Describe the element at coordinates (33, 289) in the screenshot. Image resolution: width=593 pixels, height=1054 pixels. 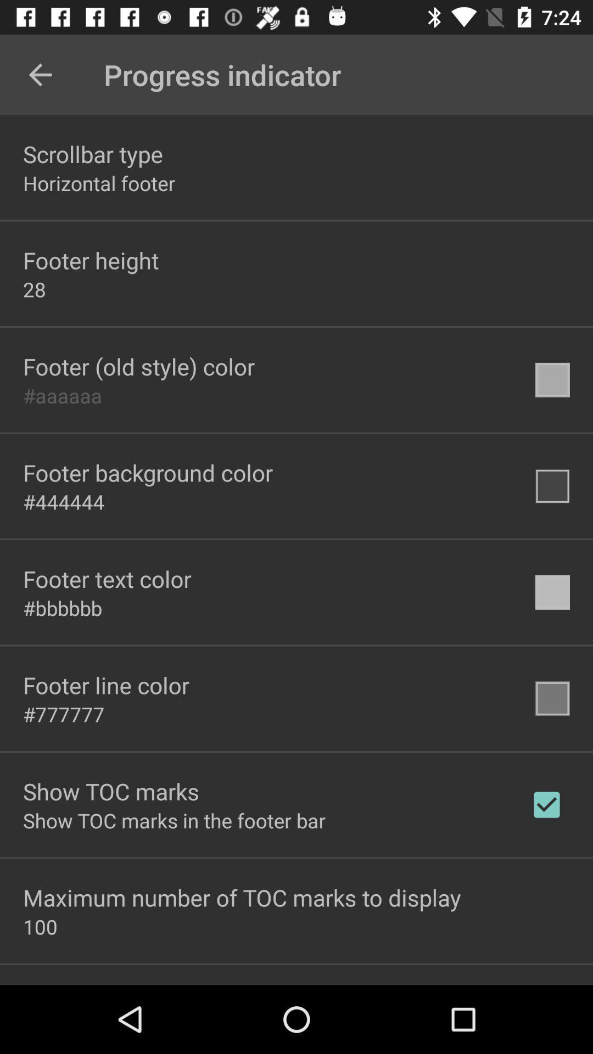
I see `item above footer old style` at that location.